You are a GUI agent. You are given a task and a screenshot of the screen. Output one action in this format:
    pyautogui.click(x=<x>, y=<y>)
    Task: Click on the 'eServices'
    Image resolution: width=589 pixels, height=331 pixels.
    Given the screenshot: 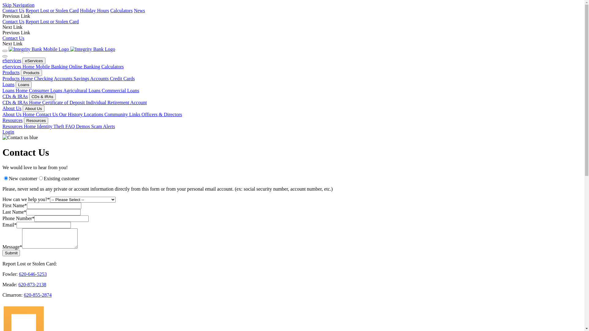 What is the action you would take?
    pyautogui.click(x=33, y=61)
    